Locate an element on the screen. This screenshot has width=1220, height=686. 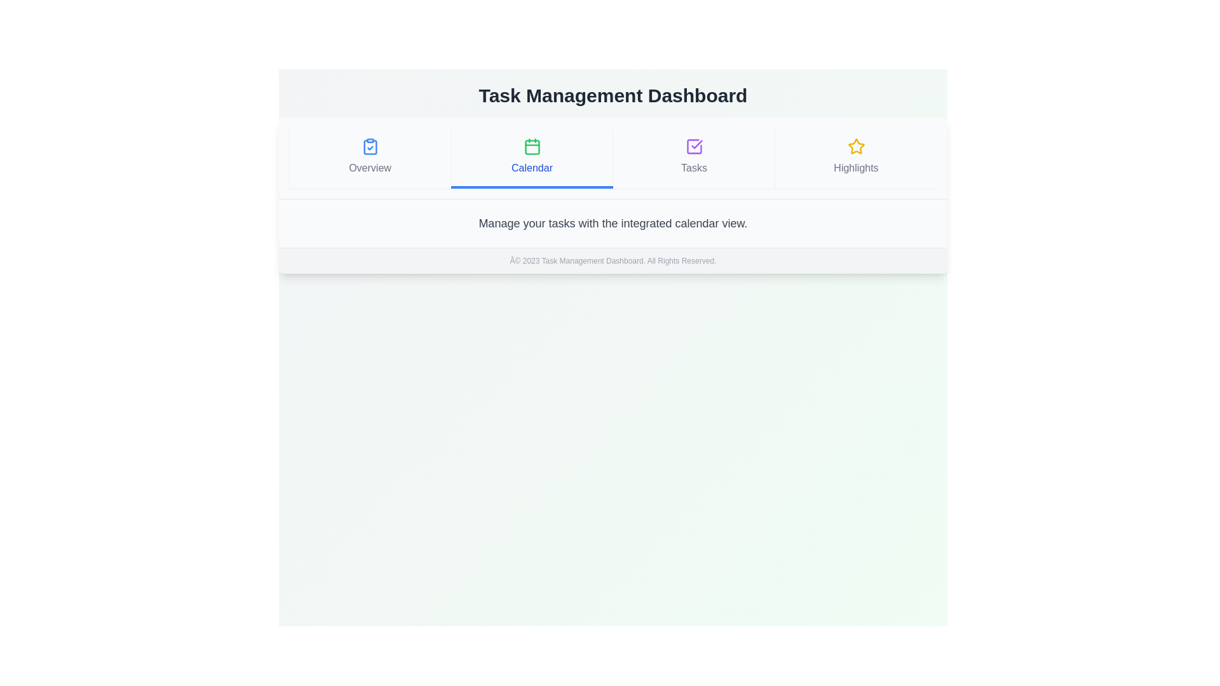
the 'Overview' button in the horizontal navigation bar is located at coordinates (369, 158).